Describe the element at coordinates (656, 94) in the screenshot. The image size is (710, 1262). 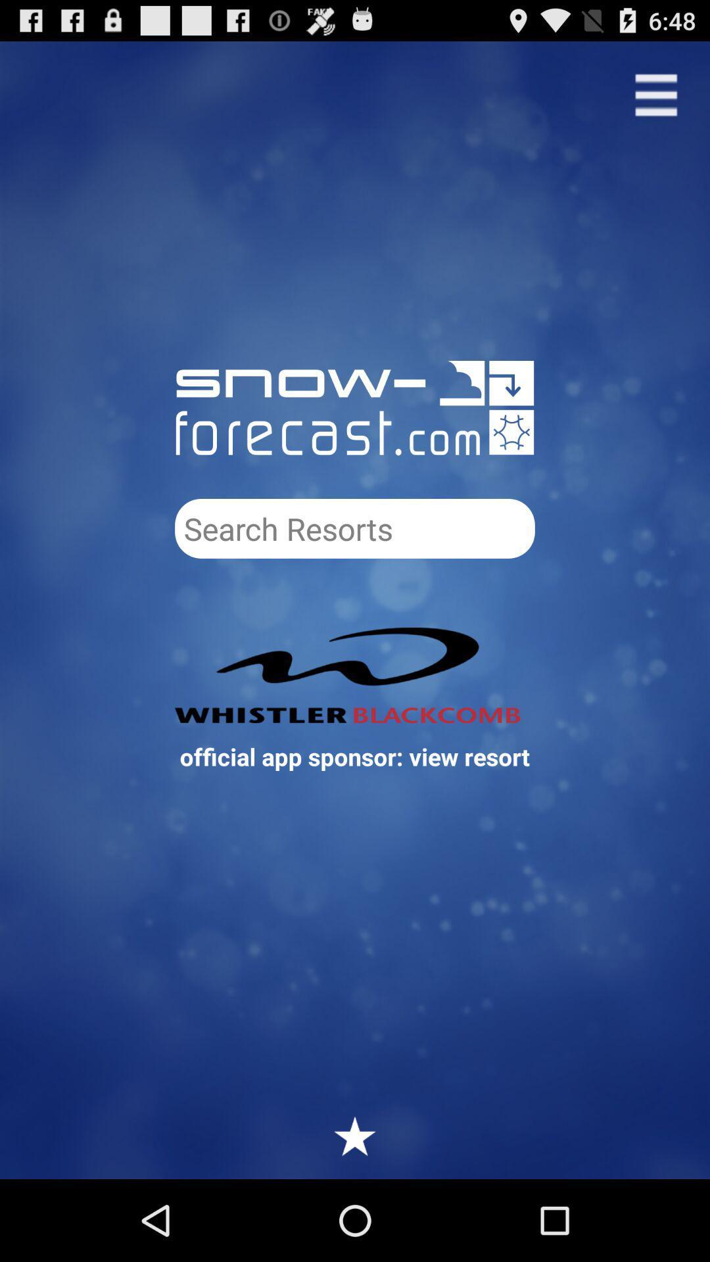
I see `action dots` at that location.